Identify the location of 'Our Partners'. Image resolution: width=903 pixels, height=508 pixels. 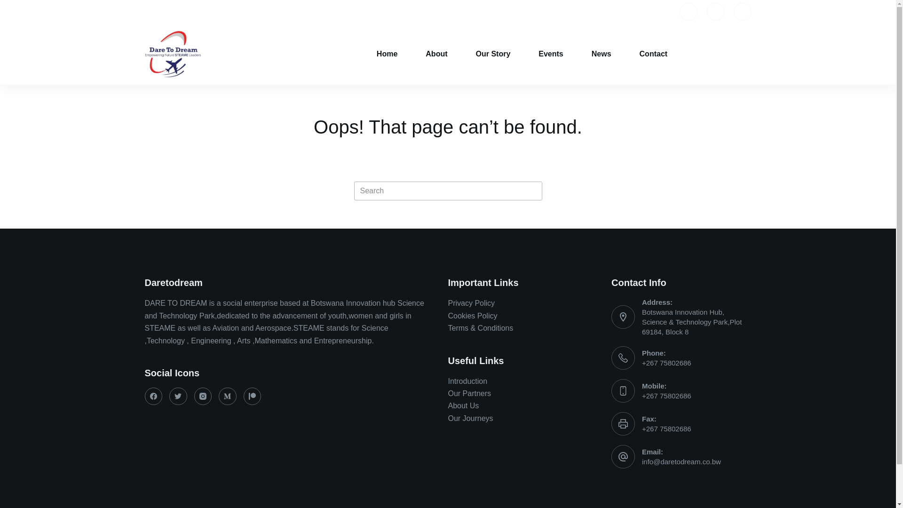
(447, 393).